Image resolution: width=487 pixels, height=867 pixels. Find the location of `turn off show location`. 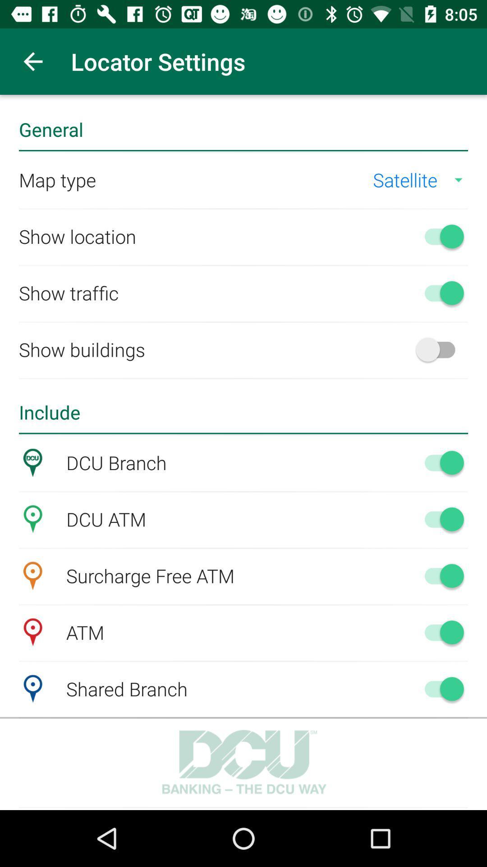

turn off show location is located at coordinates (439, 236).